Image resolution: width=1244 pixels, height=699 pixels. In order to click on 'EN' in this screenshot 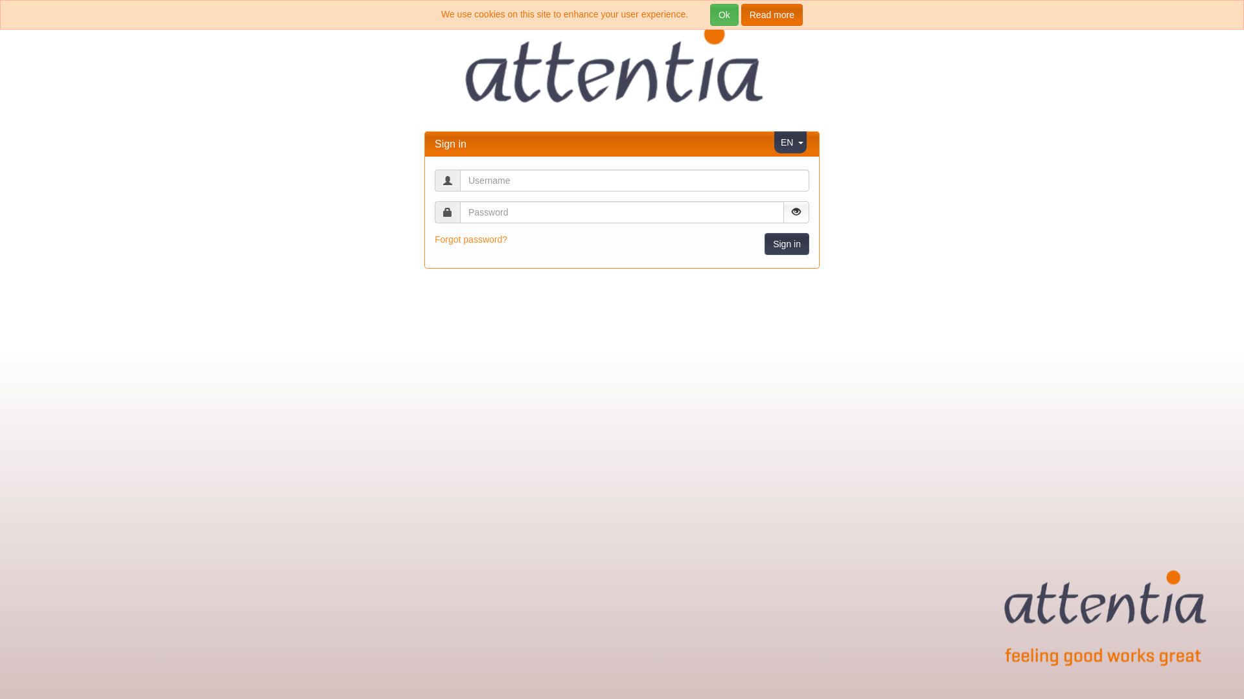, I will do `click(786, 142)`.